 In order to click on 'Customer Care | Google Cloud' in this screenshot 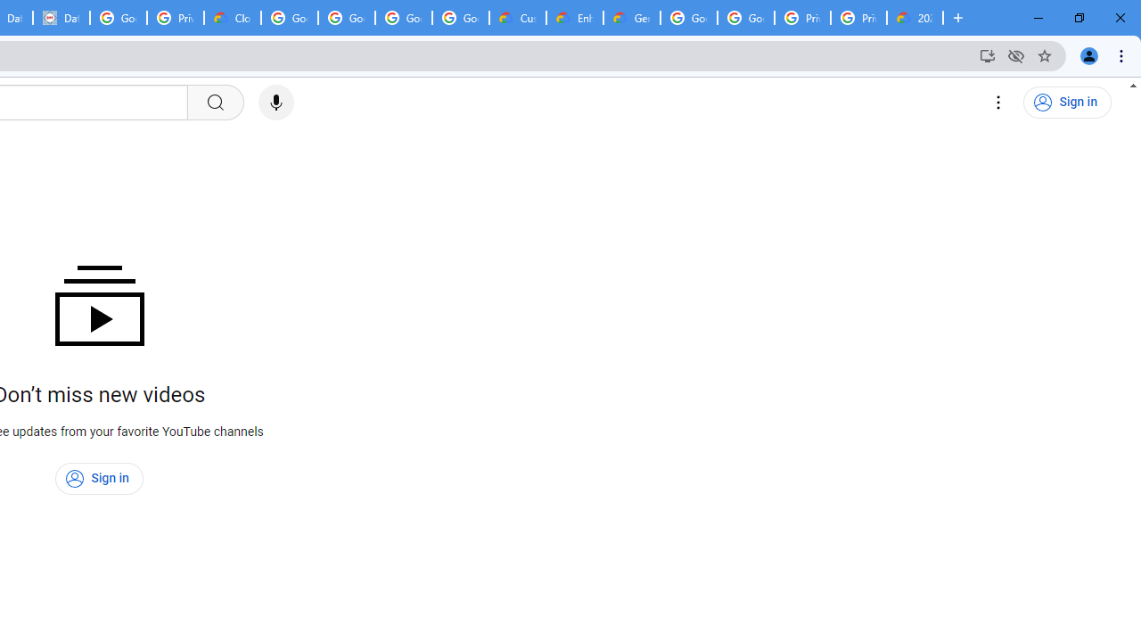, I will do `click(517, 18)`.